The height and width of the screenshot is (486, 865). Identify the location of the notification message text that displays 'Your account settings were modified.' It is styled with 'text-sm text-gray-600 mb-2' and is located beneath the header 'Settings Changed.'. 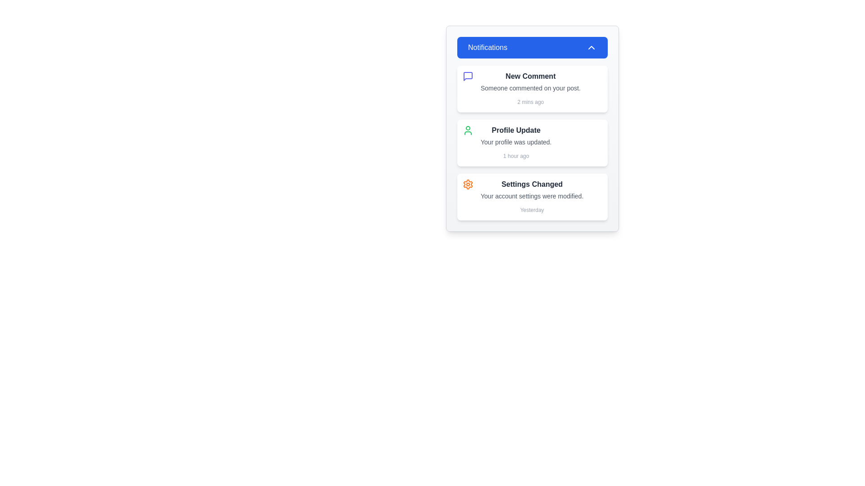
(532, 195).